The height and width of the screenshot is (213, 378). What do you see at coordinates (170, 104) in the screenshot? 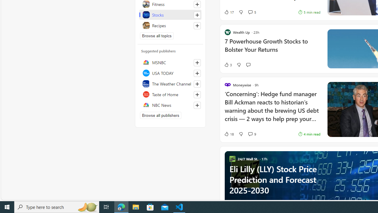
I see `'NBC News'` at bounding box center [170, 104].